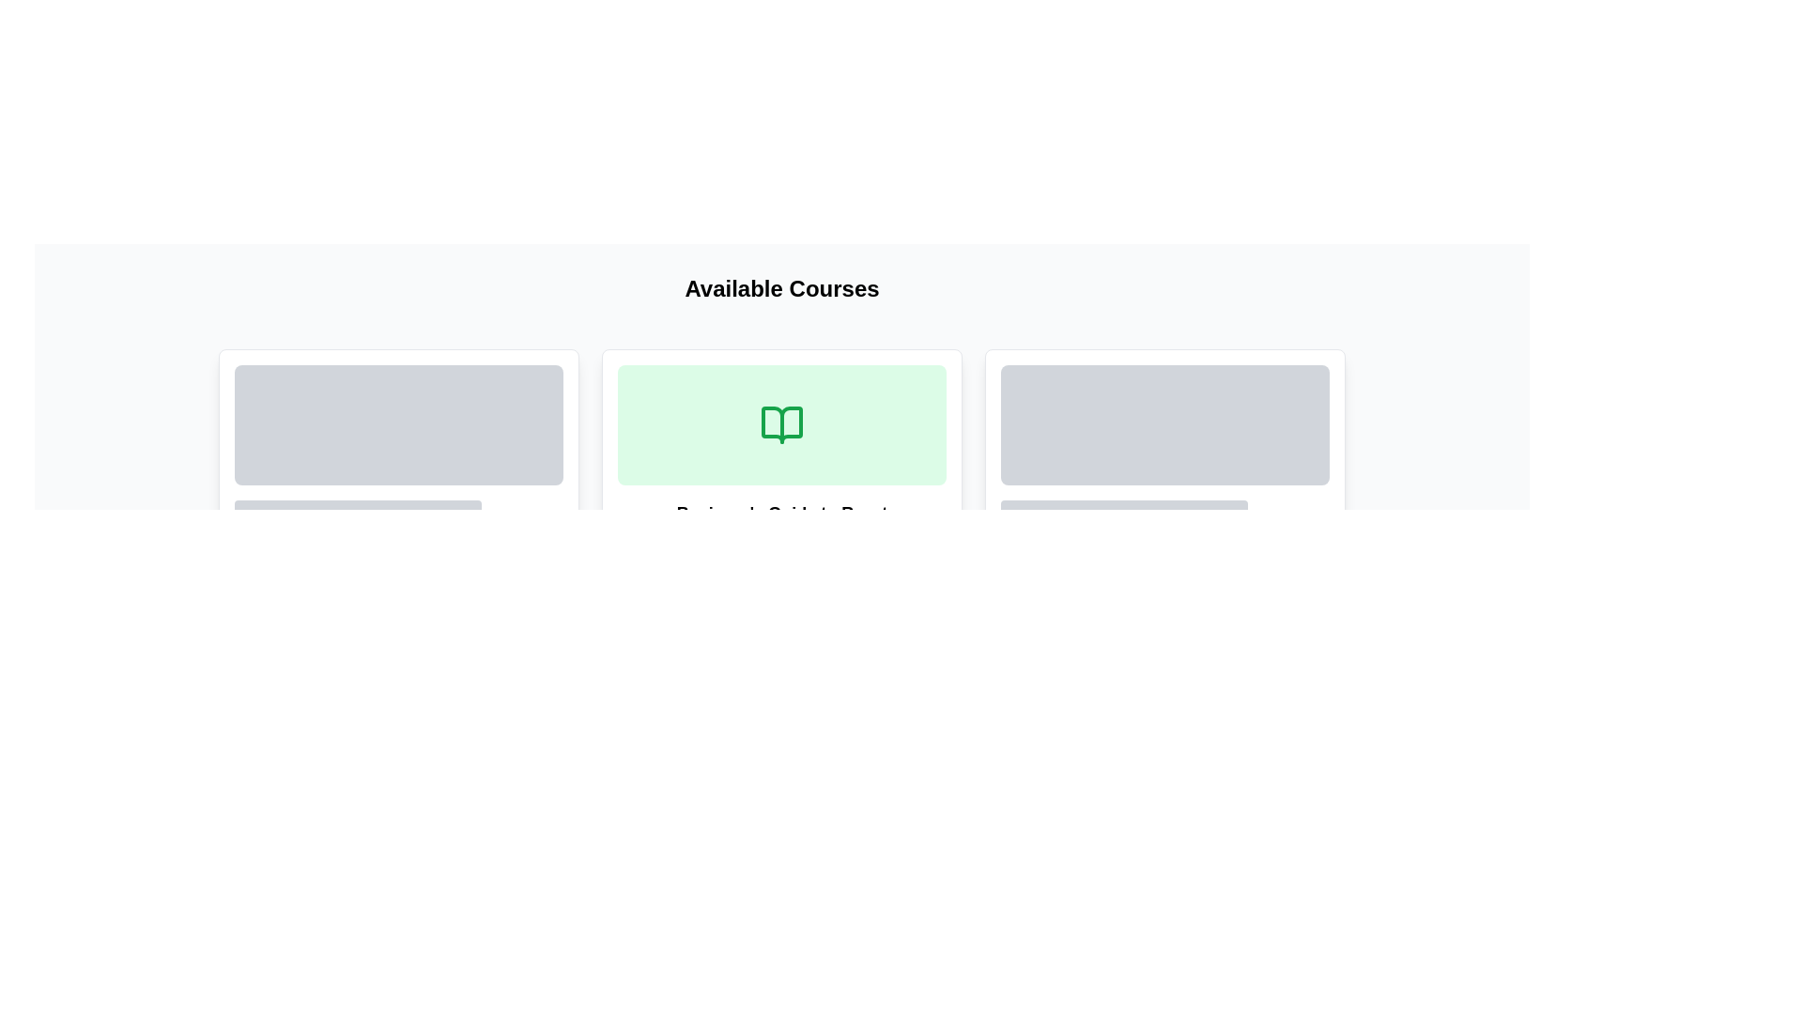 The image size is (1803, 1014). I want to click on the light gray Visual Placeholder or Separator bar located beneath the larger medium-gray block, positioned towards the center-bottom area of the content section, so click(316, 534).